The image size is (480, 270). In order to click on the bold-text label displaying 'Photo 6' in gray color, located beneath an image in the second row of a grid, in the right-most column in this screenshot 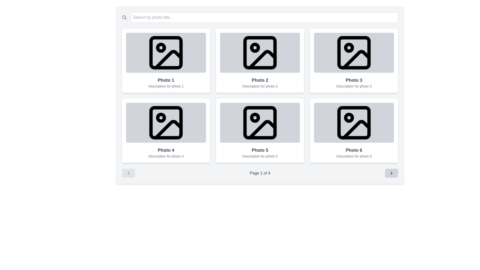, I will do `click(354, 150)`.